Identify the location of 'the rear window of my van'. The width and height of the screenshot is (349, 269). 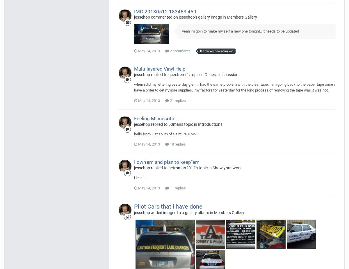
(217, 51).